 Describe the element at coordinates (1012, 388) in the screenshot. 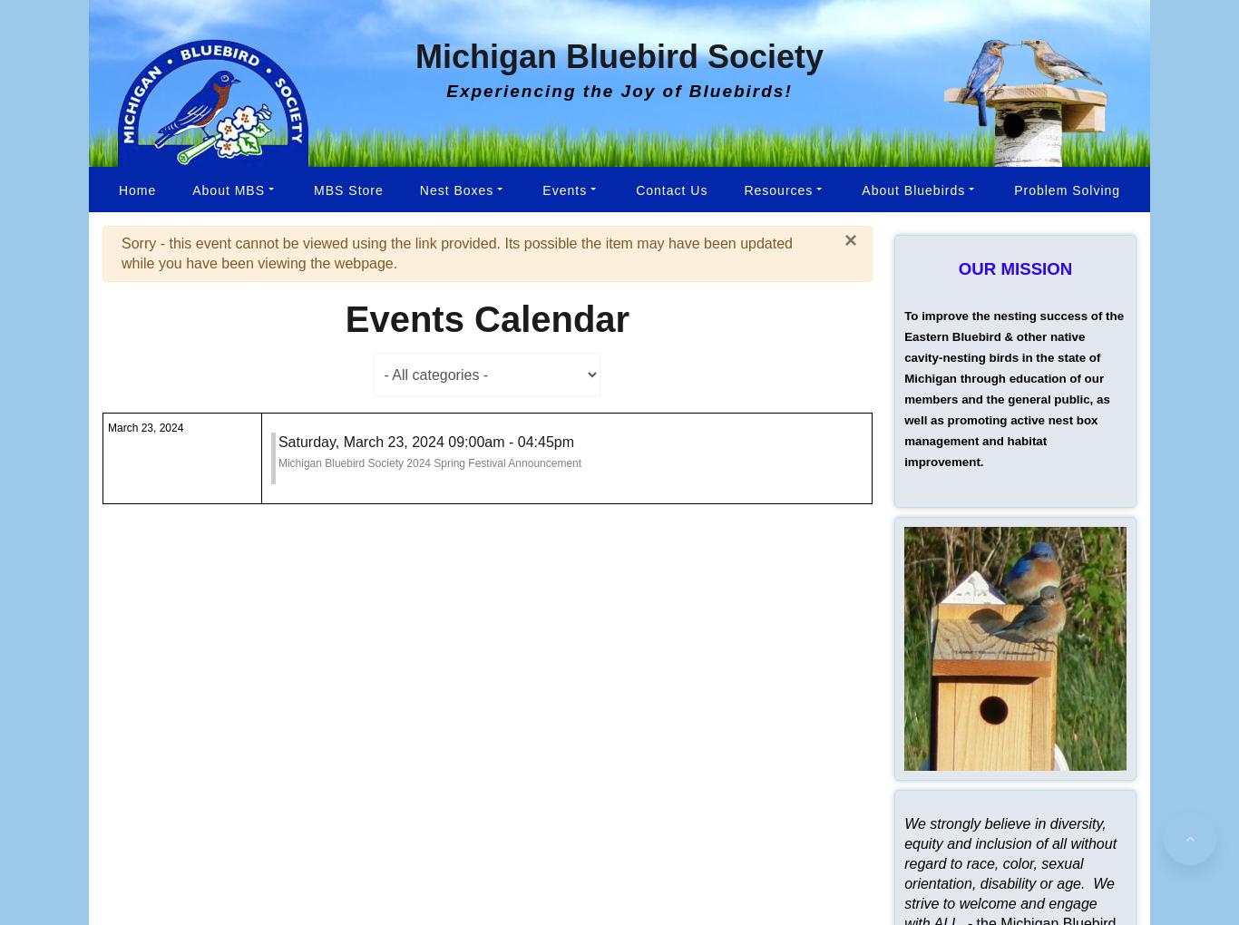

I see `'To improve the nesting success of the Eastern Bluebird & other native cavity-nesting birds in the state of Michigan through education of our members and the general public, as well as promoting active nest box management and habitat improvement.'` at that location.